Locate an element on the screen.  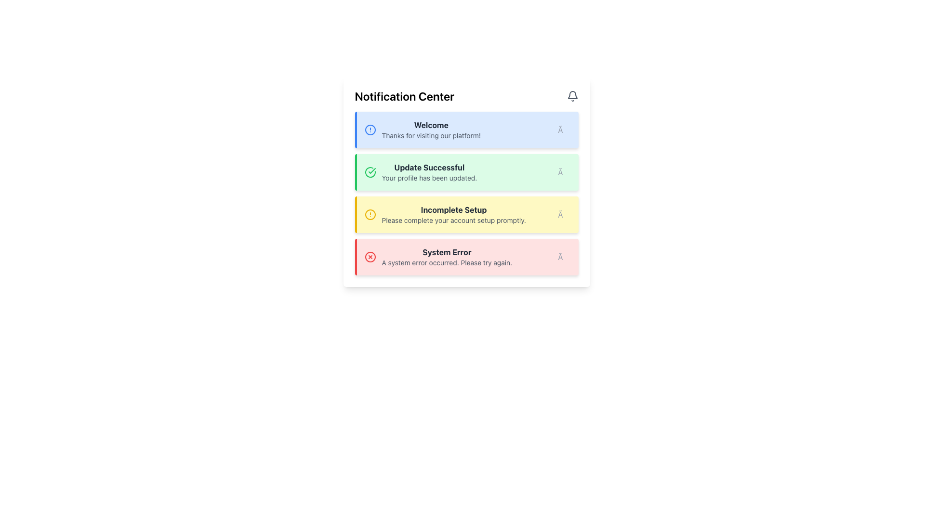
the non-interactive confirmation message that follows the bold heading 'Update Successful' in the green notification card located in the 'Notification Center' panel is located at coordinates (429, 178).